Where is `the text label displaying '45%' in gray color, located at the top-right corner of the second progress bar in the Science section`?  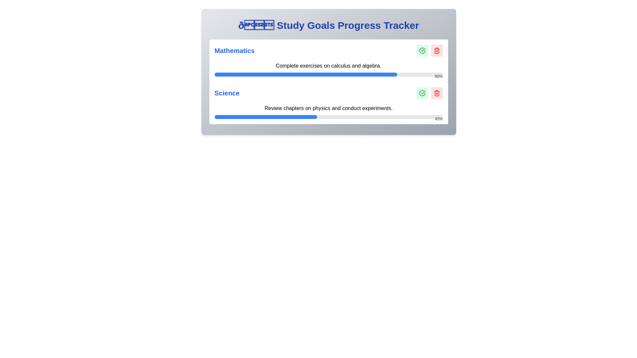 the text label displaying '45%' in gray color, located at the top-right corner of the second progress bar in the Science section is located at coordinates (439, 118).